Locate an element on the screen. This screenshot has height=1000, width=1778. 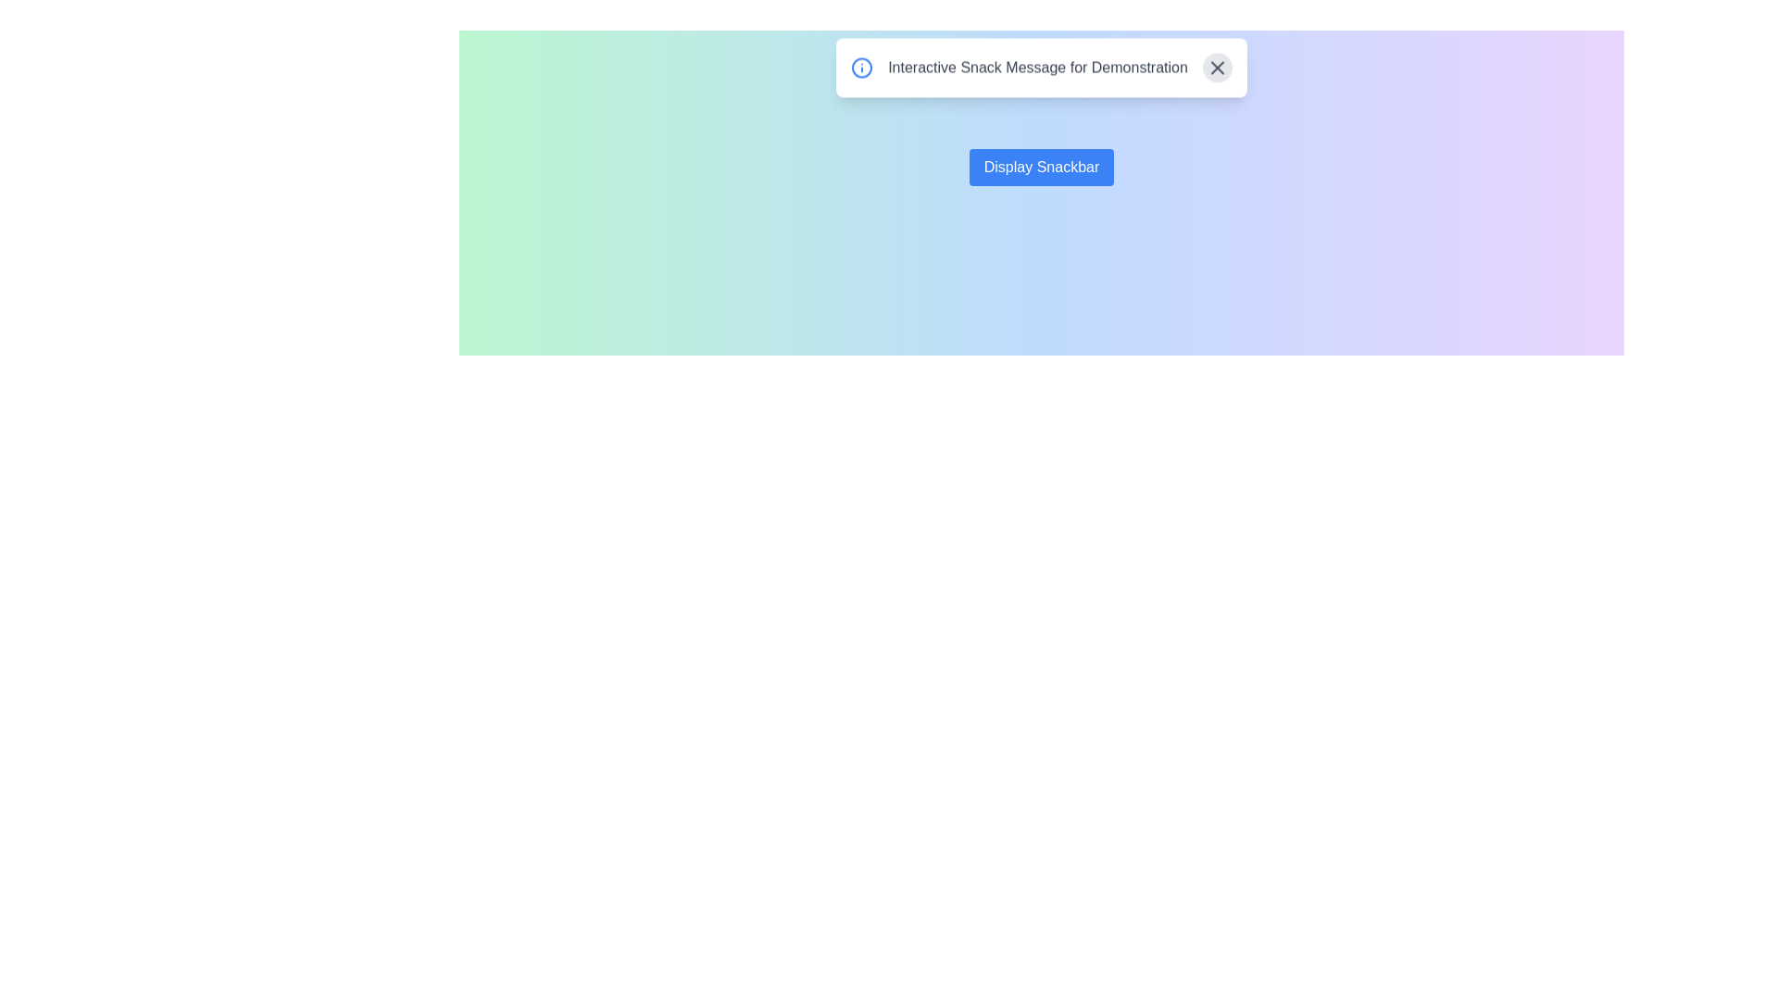
the help icon located on the leftmost side of the 'Interactive Snack Message for Demonstration' notification bar, which provides additional information related to the content is located at coordinates (861, 74).